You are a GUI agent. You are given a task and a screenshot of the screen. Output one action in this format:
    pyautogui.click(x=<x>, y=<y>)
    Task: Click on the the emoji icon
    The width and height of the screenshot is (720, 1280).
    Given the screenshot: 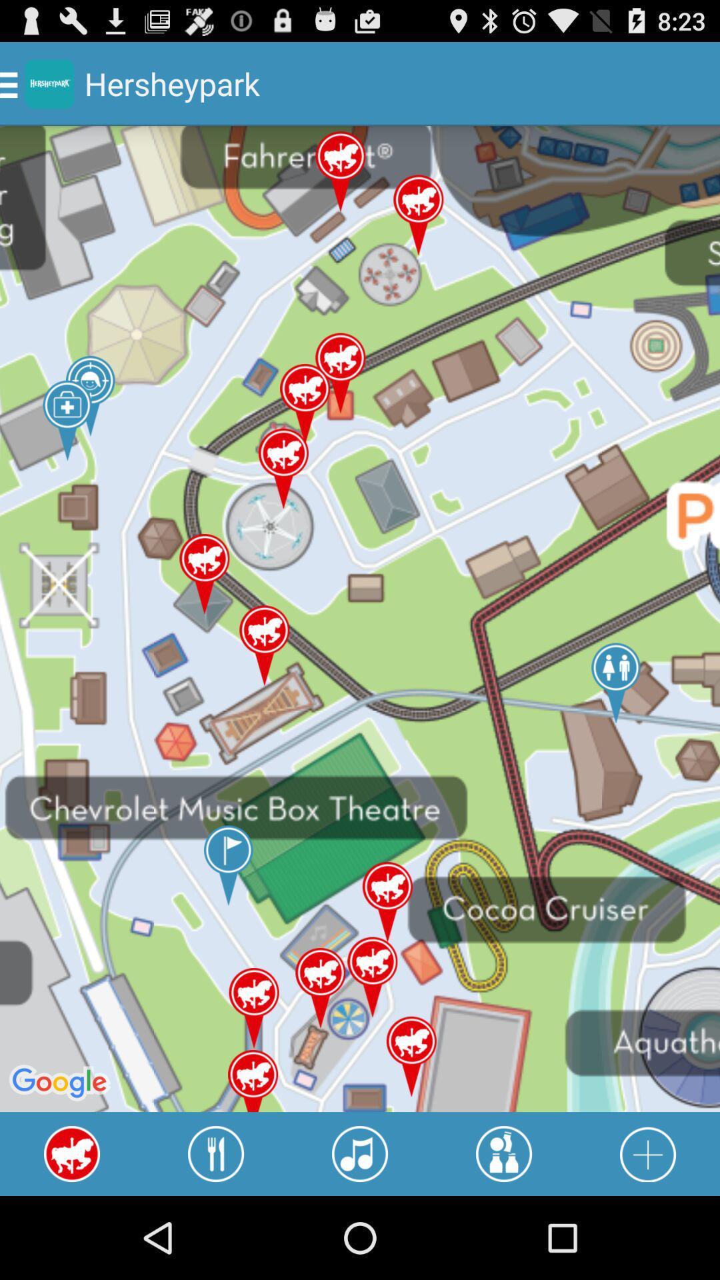 What is the action you would take?
    pyautogui.click(x=504, y=1234)
    